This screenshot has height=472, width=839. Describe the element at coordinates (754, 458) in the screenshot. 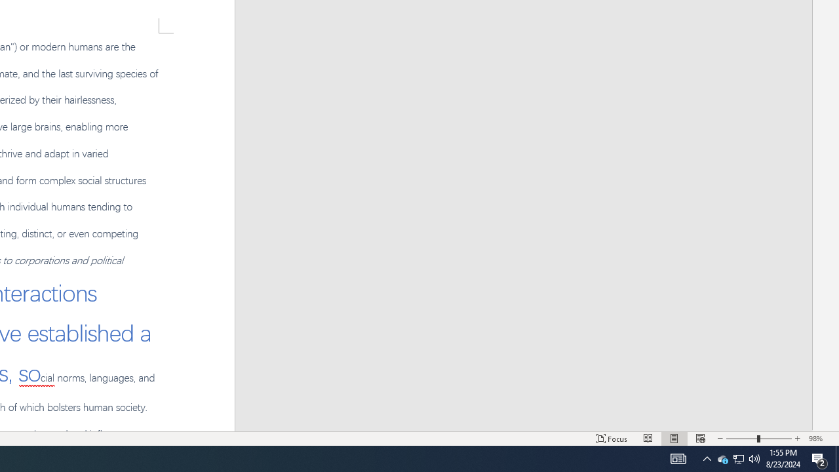

I see `'Q2790: 100%'` at that location.